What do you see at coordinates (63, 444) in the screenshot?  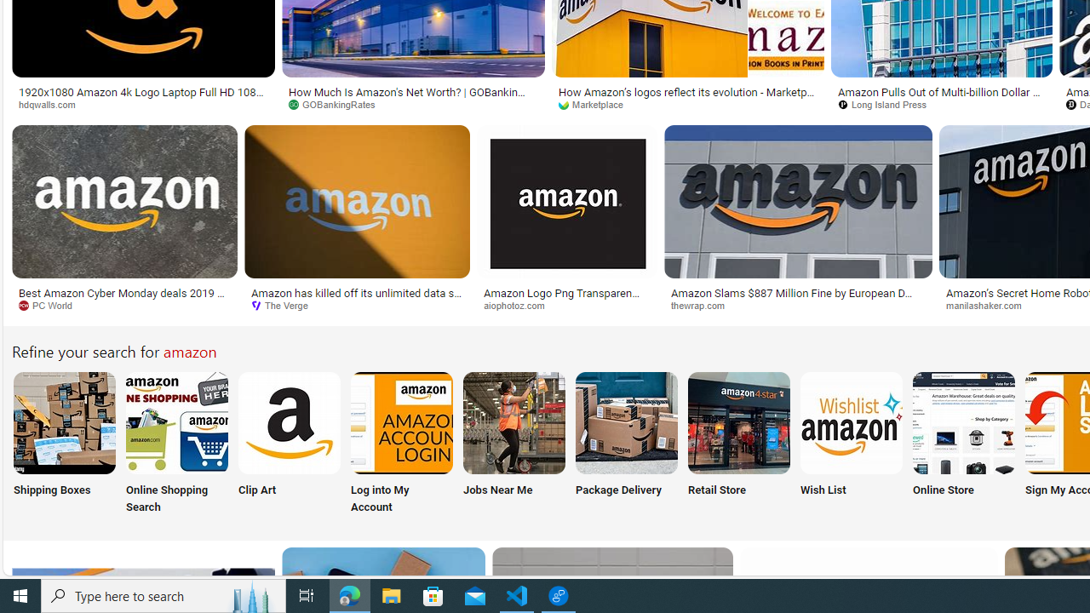 I see `'Shipping Boxes'` at bounding box center [63, 444].